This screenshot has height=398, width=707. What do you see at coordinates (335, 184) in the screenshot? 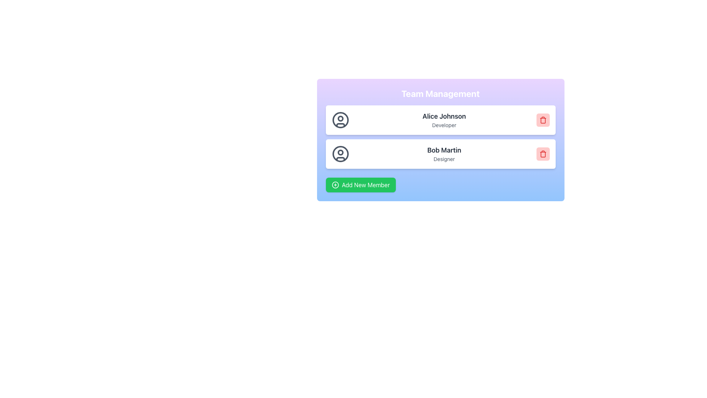
I see `the add member icon located to the left of the 'Add New Member' text within the green button at the bottom of the section` at bounding box center [335, 184].